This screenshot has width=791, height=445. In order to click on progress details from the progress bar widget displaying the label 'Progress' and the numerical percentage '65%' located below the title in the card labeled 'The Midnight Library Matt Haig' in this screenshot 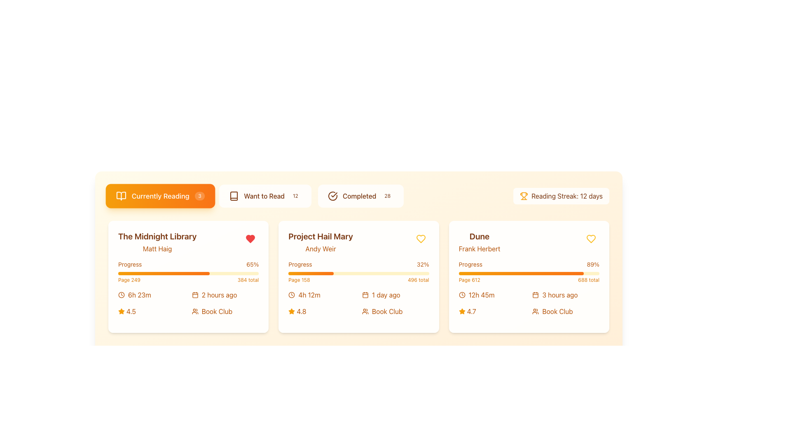, I will do `click(188, 272)`.